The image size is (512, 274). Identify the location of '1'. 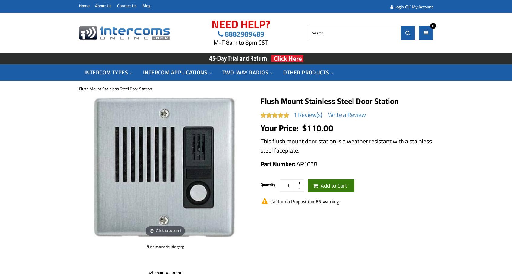
(295, 114).